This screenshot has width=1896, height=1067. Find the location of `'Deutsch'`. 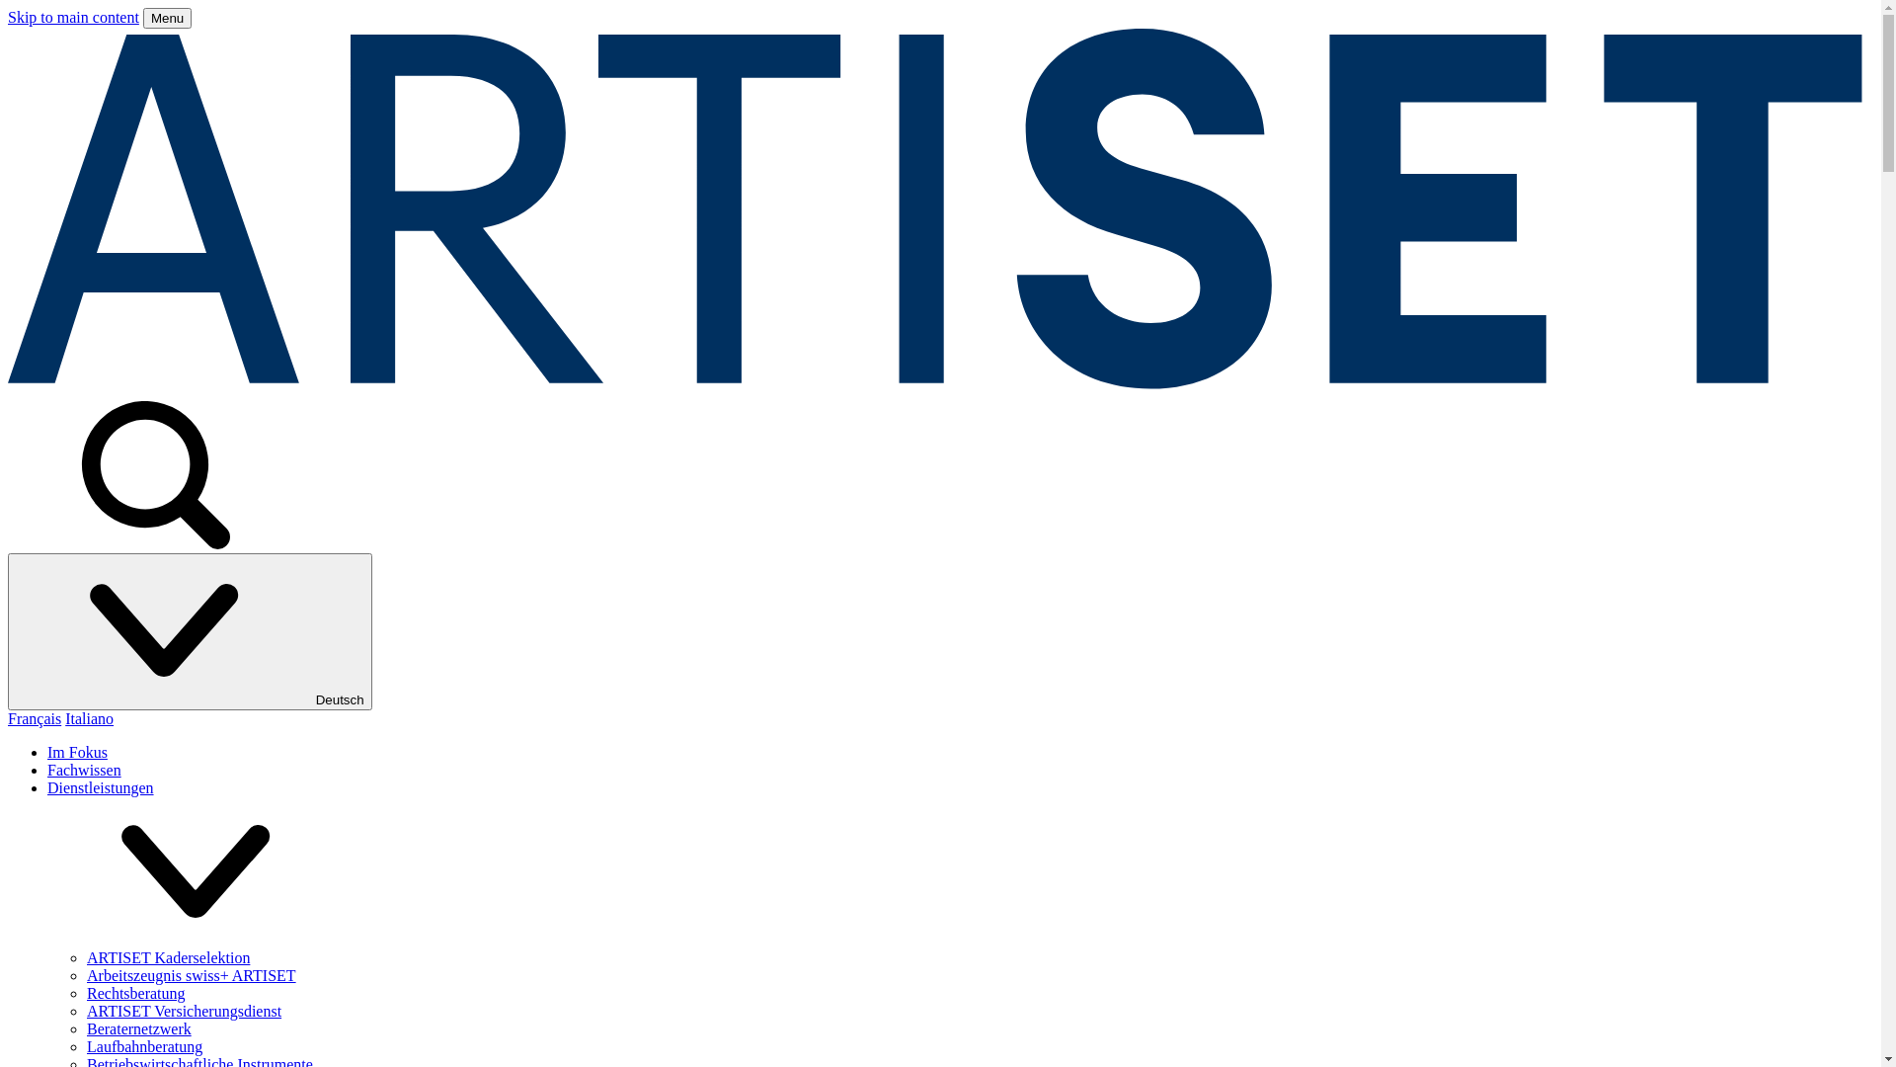

'Deutsch' is located at coordinates (190, 631).